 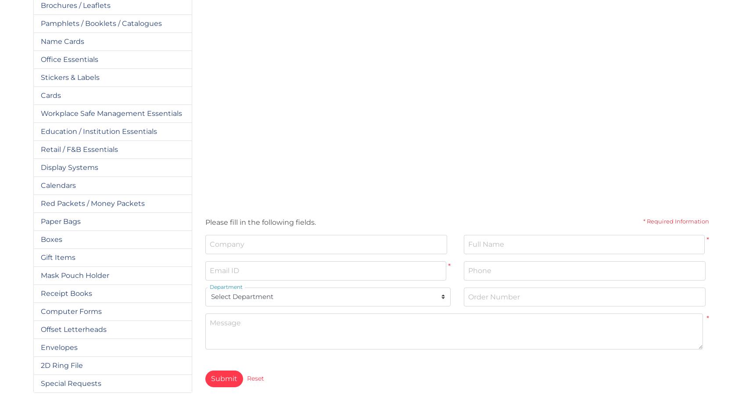 What do you see at coordinates (92, 202) in the screenshot?
I see `'Red Packets / Money Packets'` at bounding box center [92, 202].